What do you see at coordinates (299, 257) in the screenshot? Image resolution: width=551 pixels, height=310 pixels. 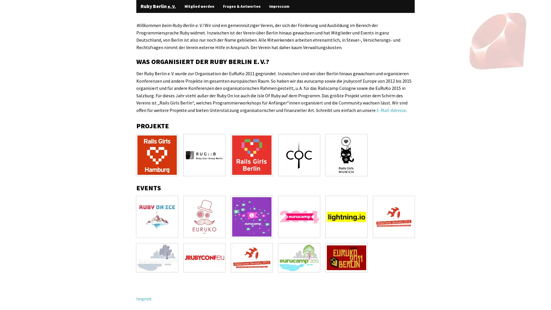 I see `Eurucamp 2012` at bounding box center [299, 257].